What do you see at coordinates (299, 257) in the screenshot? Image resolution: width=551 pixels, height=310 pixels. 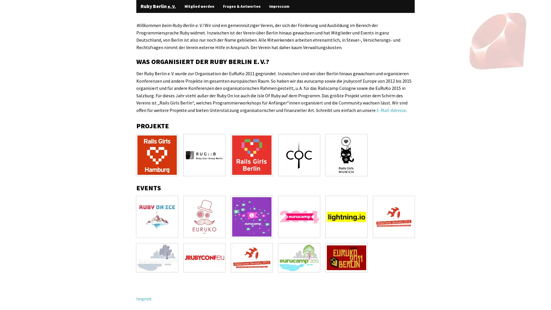 I see `Eurucamp 2012` at bounding box center [299, 257].